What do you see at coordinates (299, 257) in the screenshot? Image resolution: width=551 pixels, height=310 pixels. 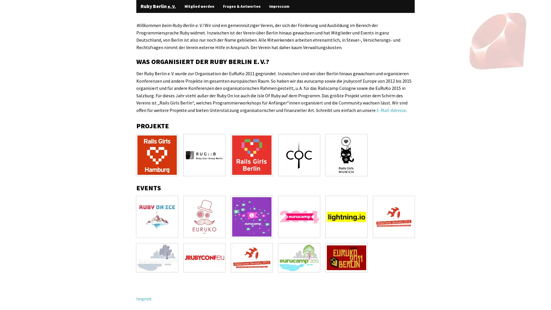 I see `Eurucamp 2012` at bounding box center [299, 257].